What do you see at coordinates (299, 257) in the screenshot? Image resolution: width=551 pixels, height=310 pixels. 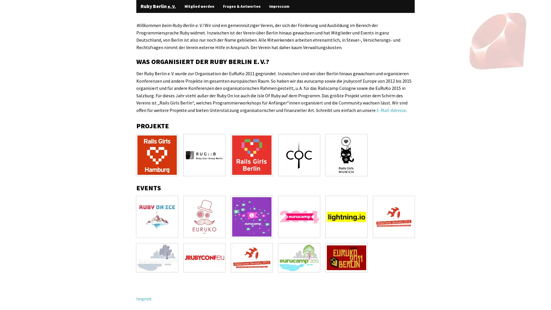 I see `Eurucamp 2012` at bounding box center [299, 257].